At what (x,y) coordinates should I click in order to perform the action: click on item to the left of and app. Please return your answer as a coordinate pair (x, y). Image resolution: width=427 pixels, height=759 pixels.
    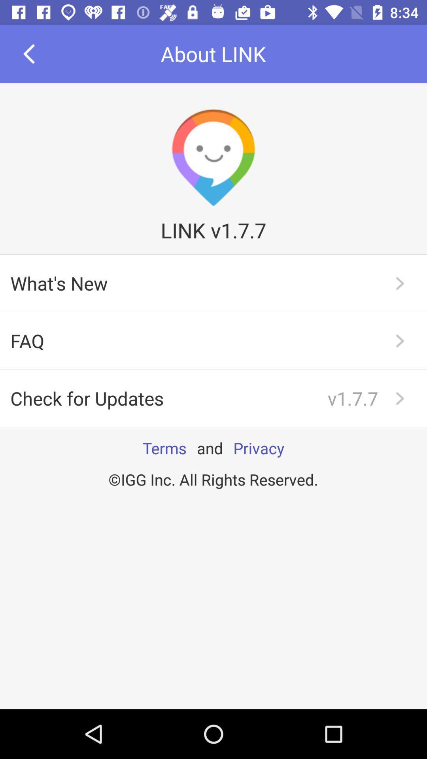
    Looking at the image, I should click on (164, 448).